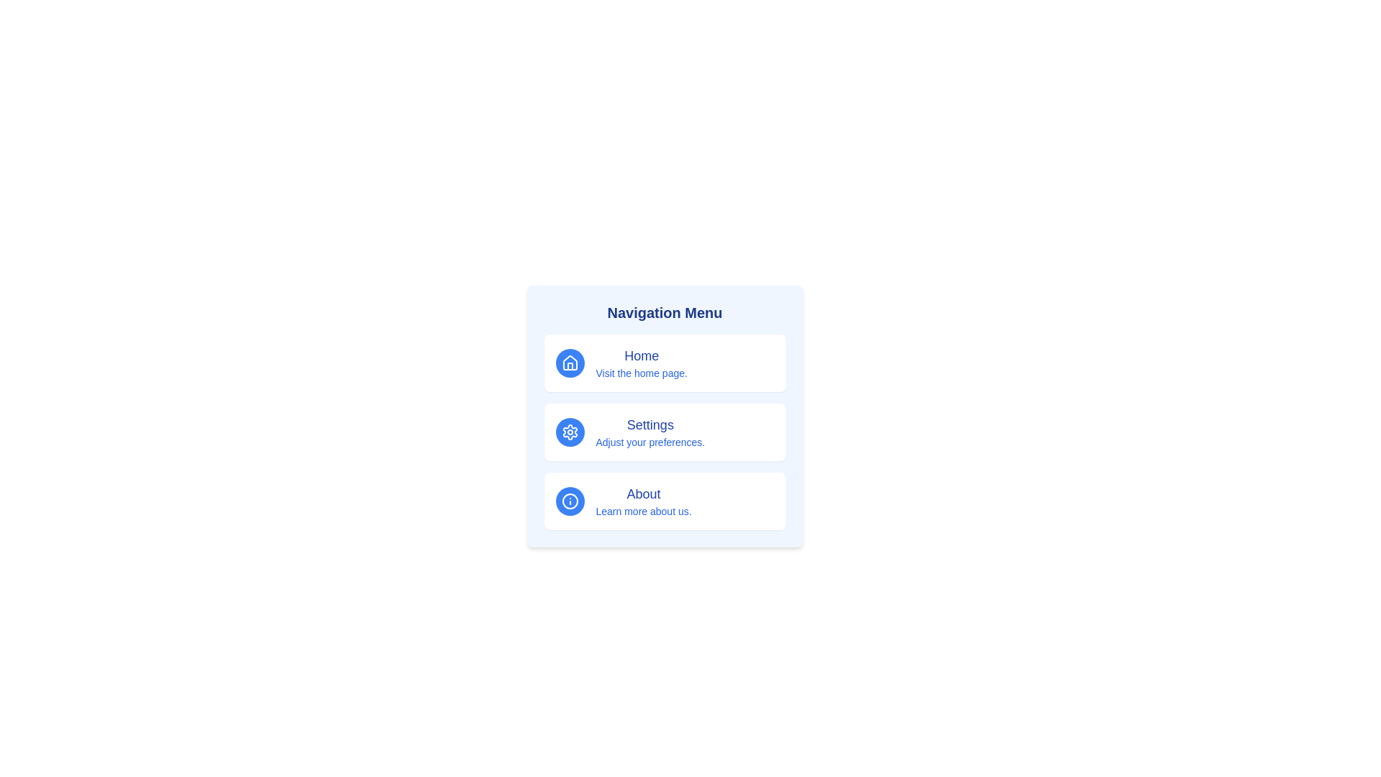 This screenshot has width=1381, height=777. What do you see at coordinates (664, 416) in the screenshot?
I see `the 'Settings' button card, which has a light blue background, a gear icon at the top-left corner, and the text 'Settings' in bold blue` at bounding box center [664, 416].